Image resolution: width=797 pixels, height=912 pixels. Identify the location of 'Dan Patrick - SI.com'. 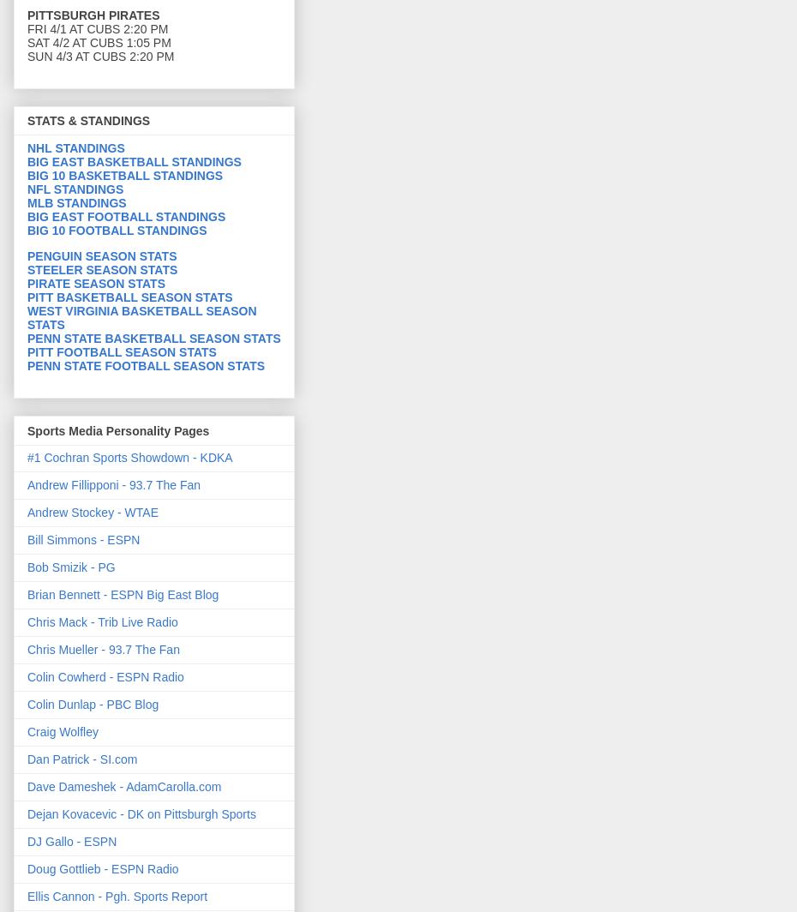
(81, 759).